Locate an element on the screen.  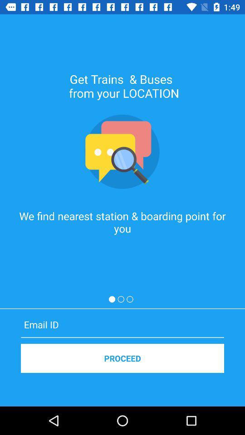
the email id is located at coordinates (122, 324).